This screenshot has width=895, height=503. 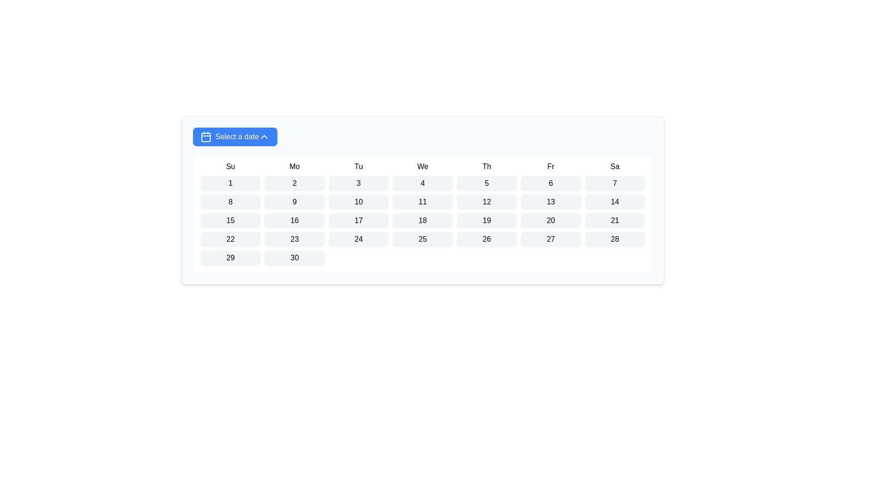 I want to click on the header label indicating 'Wednesday' in the calendar display, which is positioned in the top row between 'Tu' and 'Th', so click(x=422, y=166).